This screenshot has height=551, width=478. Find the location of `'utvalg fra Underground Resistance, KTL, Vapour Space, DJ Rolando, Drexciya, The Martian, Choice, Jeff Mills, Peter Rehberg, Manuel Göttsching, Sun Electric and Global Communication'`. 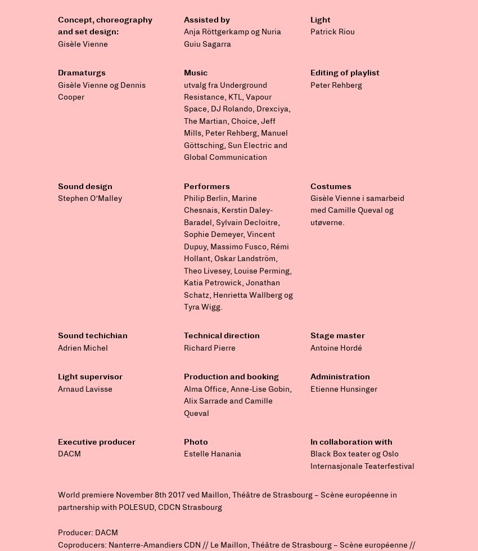

'utvalg fra Underground Resistance, KTL, Vapour Space, DJ Rolando, Drexciya, The Martian, Choice, Jeff Mills, Peter Rehberg, Manuel Göttsching, Sun Electric and Global Communication' is located at coordinates (237, 120).